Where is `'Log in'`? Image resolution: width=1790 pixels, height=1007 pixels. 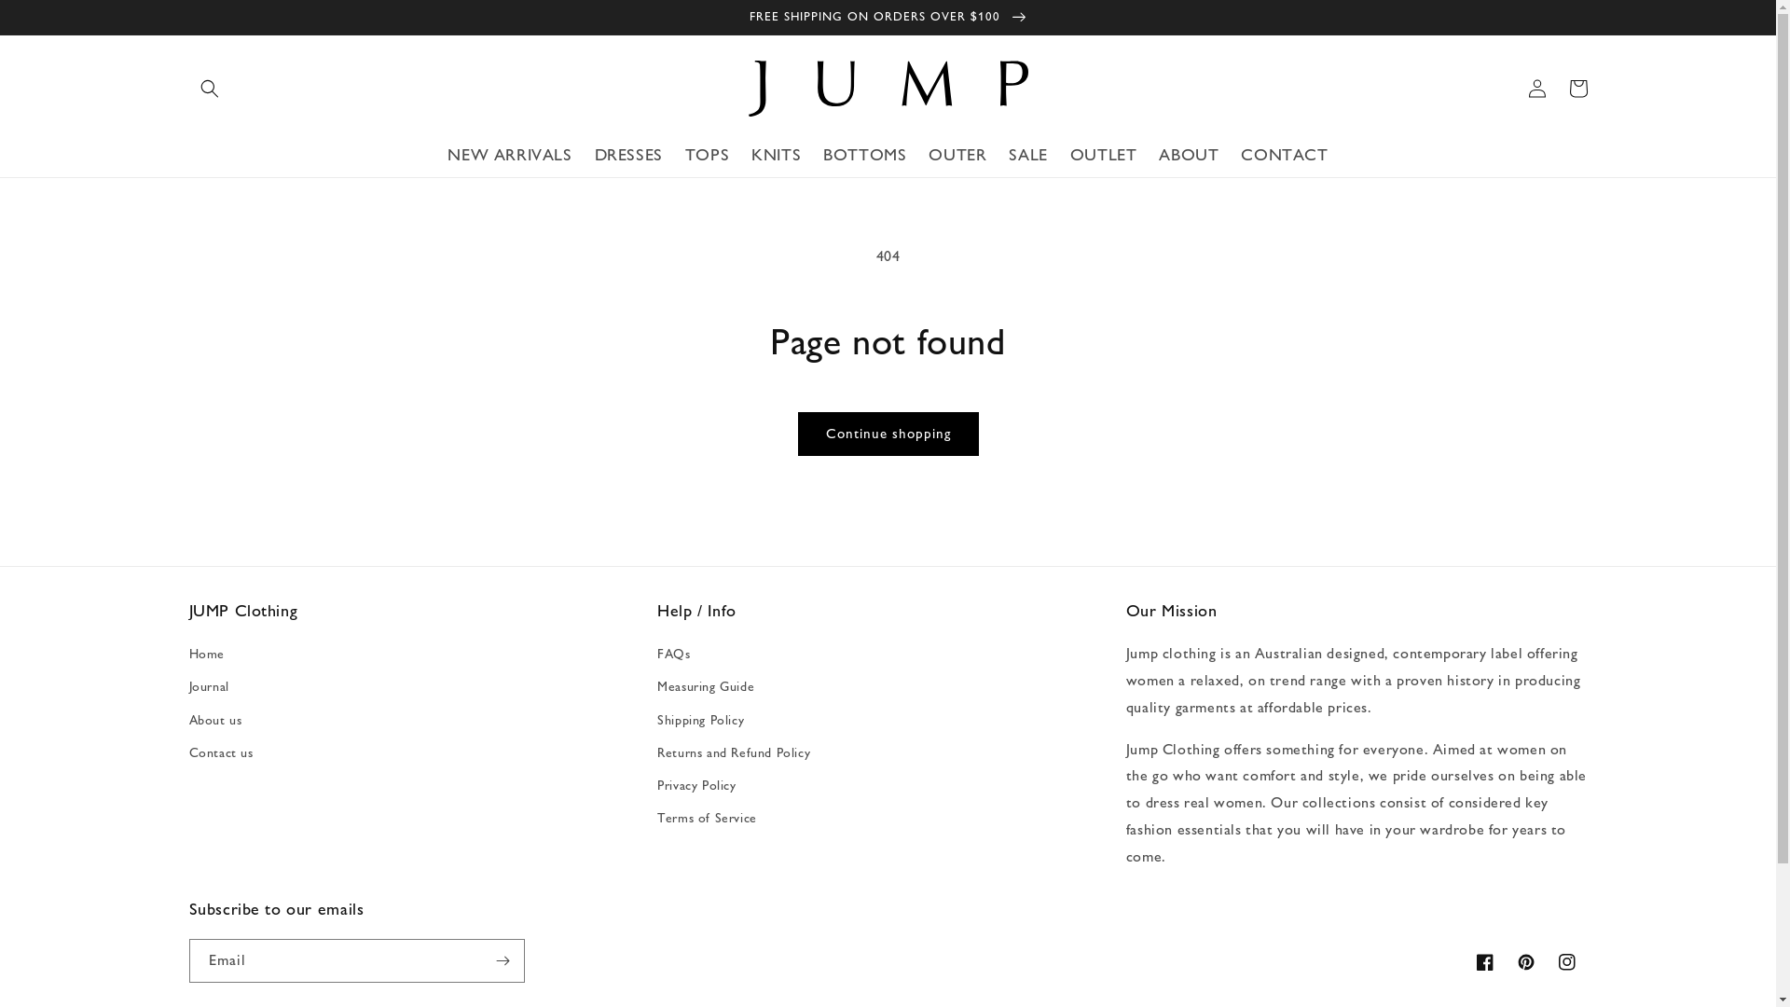
'Log in' is located at coordinates (1535, 89).